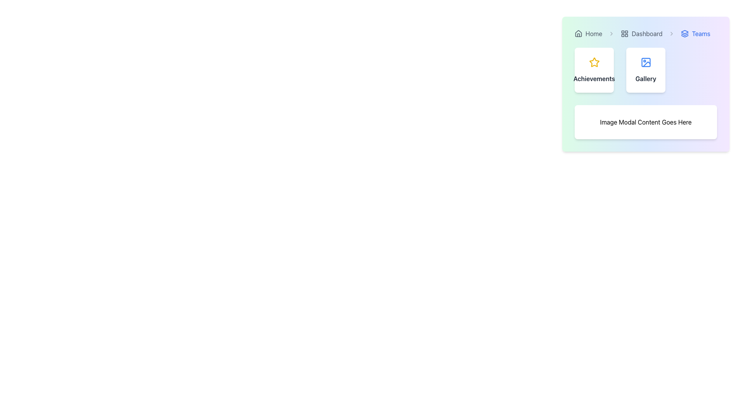 The height and width of the screenshot is (419, 745). I want to click on the blue rounded rectangle icon resembling a landscape in the 'Gallery' card, positioned near the label 'Gallery', so click(646, 62).